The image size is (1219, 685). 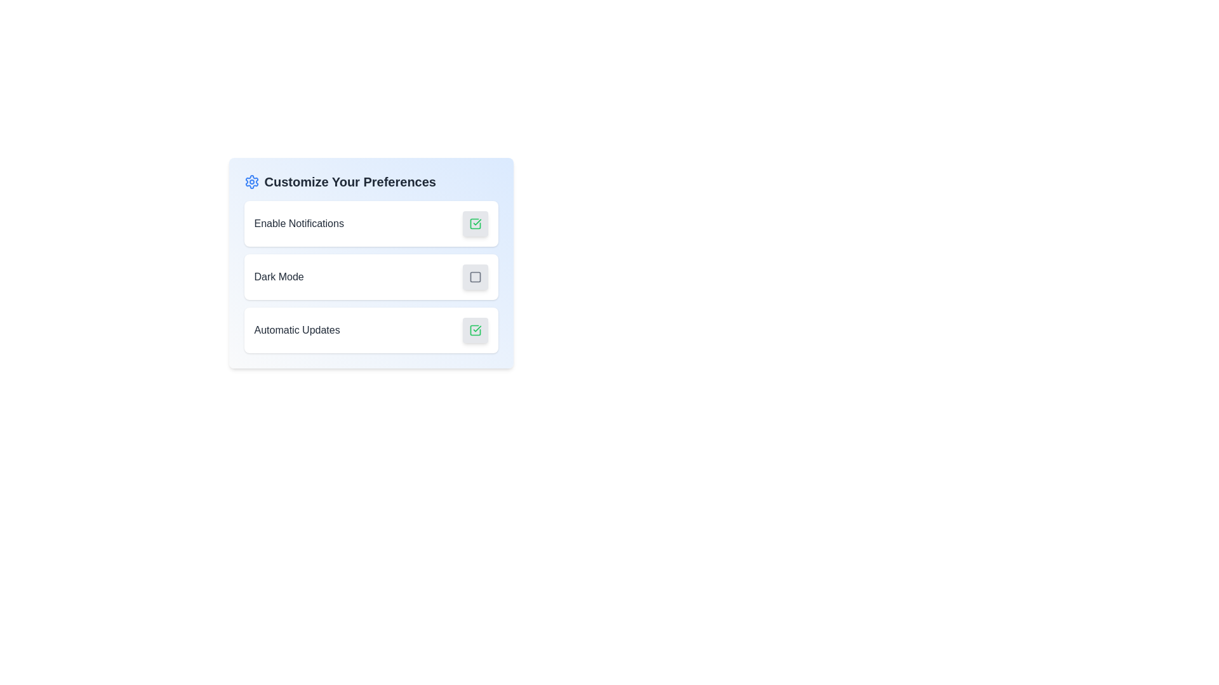 I want to click on the Checkbox styled as a button with an icon, so click(x=474, y=223).